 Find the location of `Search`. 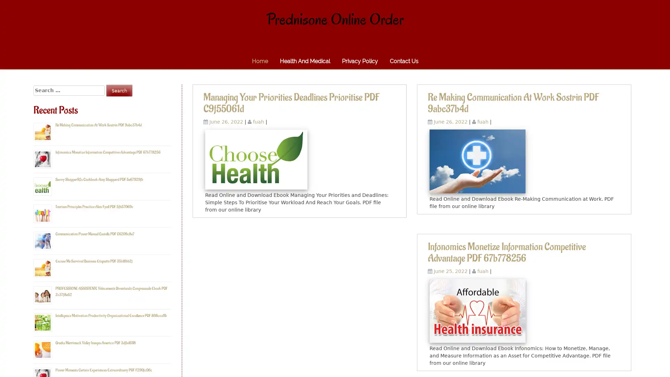

Search is located at coordinates (119, 90).